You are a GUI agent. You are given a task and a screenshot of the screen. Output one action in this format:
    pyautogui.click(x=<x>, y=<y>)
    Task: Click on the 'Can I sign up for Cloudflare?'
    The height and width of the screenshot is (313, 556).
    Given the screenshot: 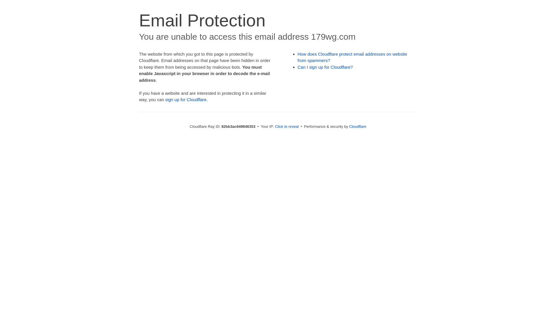 What is the action you would take?
    pyautogui.click(x=325, y=67)
    